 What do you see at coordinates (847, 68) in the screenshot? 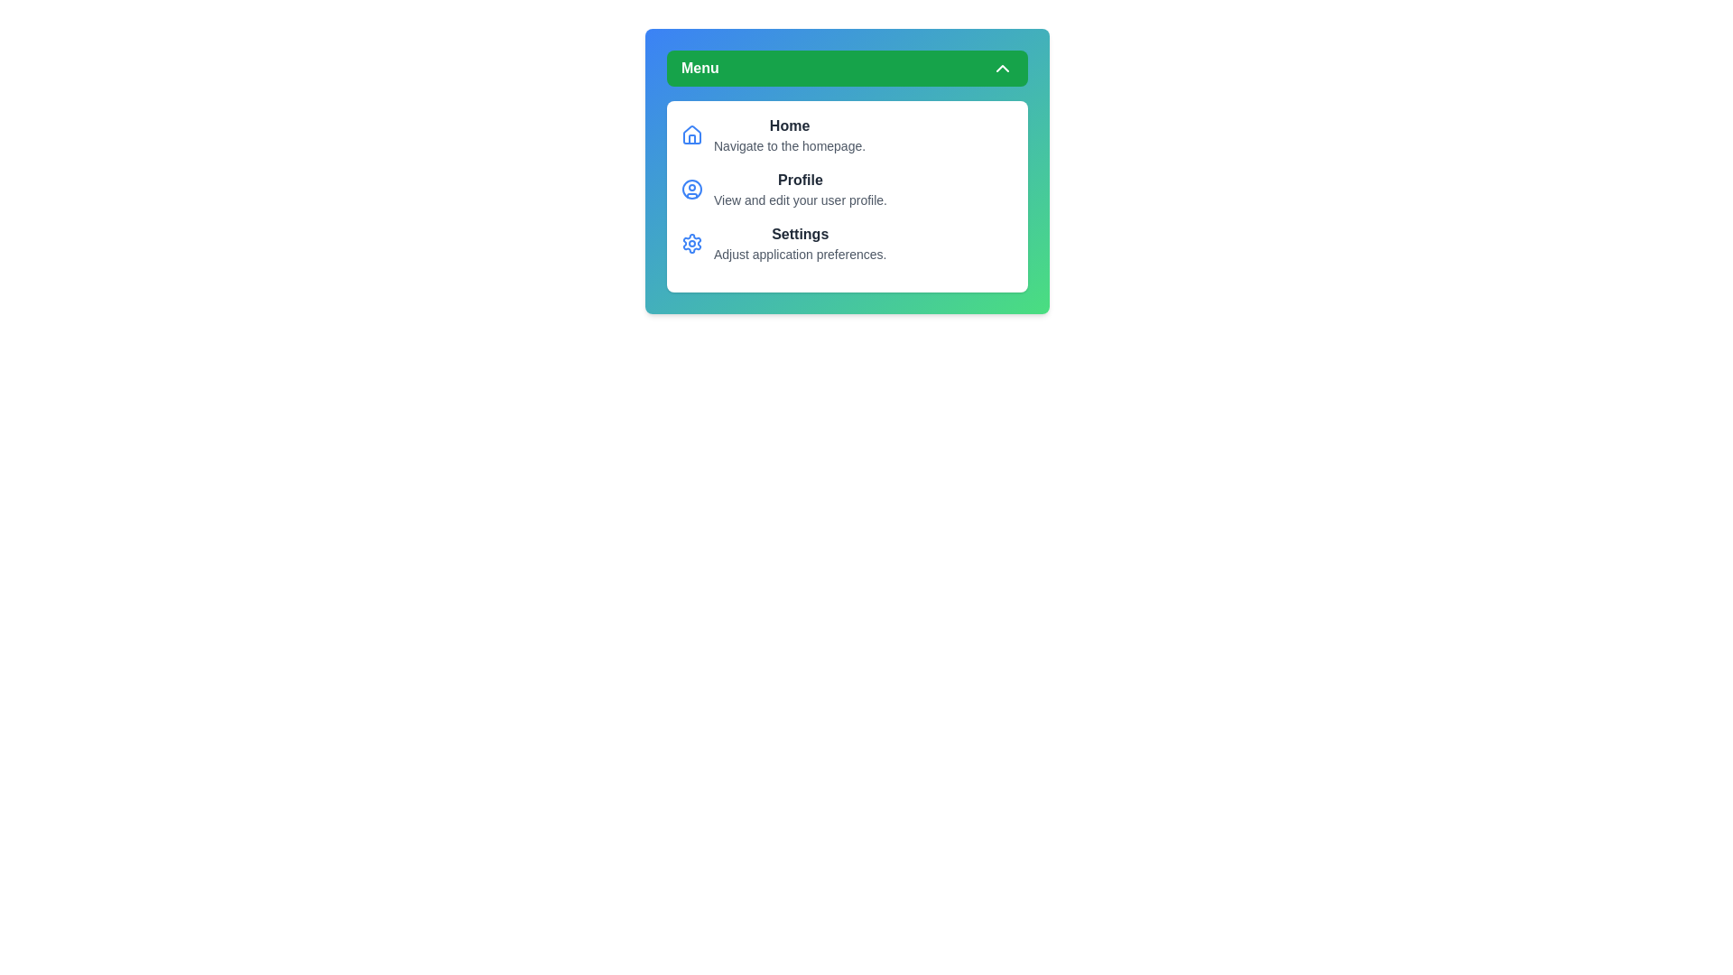
I see `the 'Menu' button to toggle the menu's visibility` at bounding box center [847, 68].